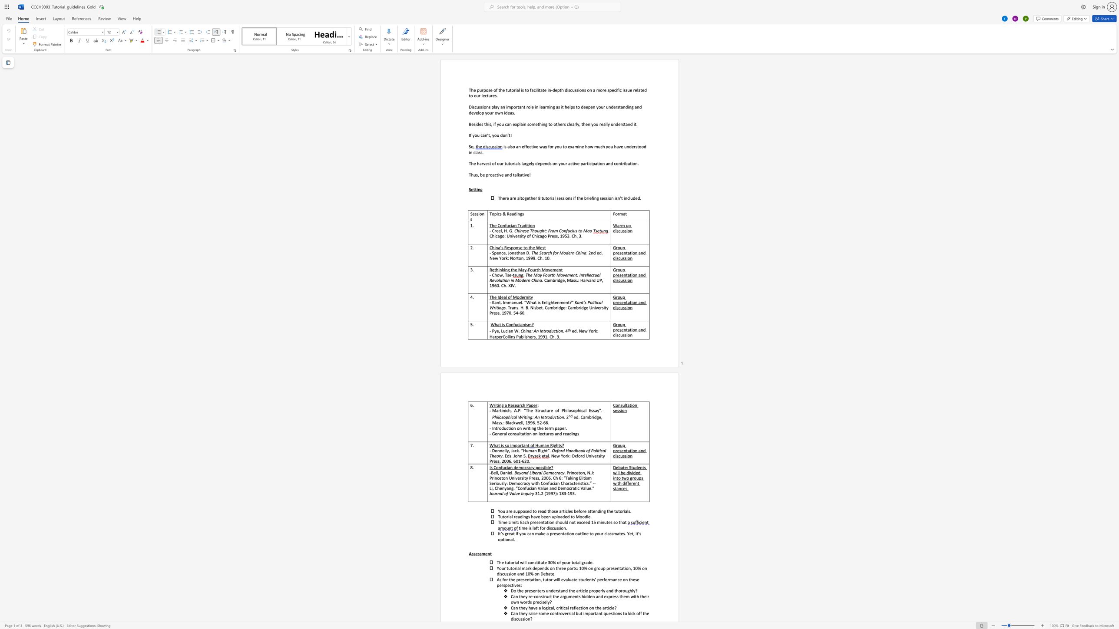  What do you see at coordinates (509, 225) in the screenshot?
I see `the 1th character "c" in the text` at bounding box center [509, 225].